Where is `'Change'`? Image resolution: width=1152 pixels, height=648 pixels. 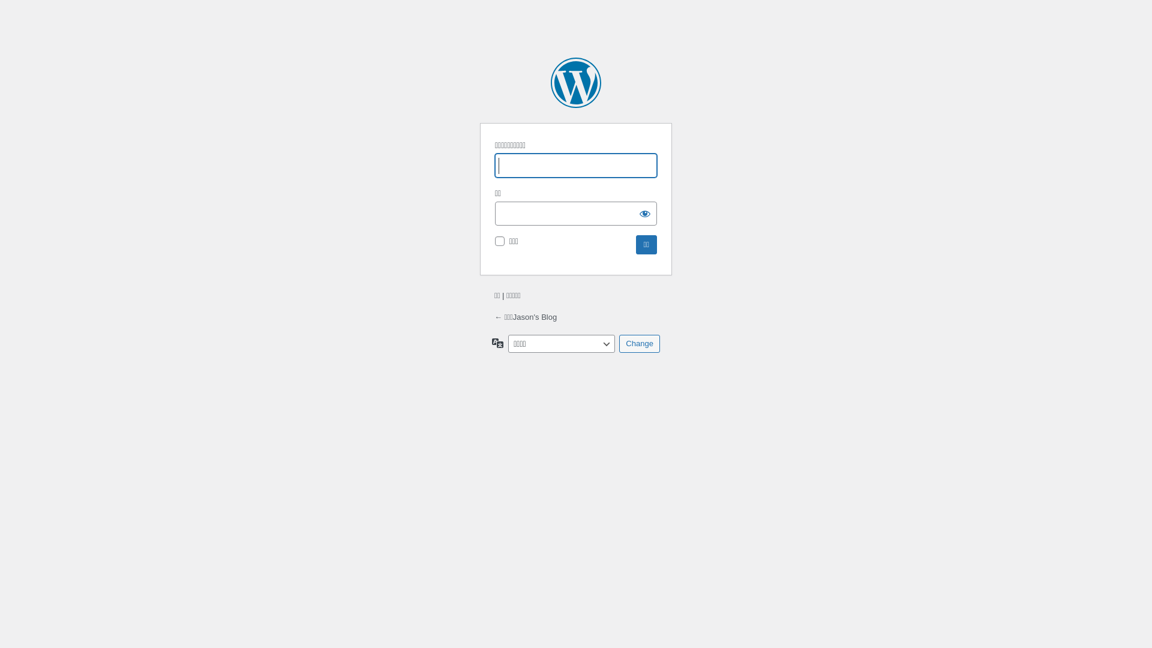 'Change' is located at coordinates (638, 344).